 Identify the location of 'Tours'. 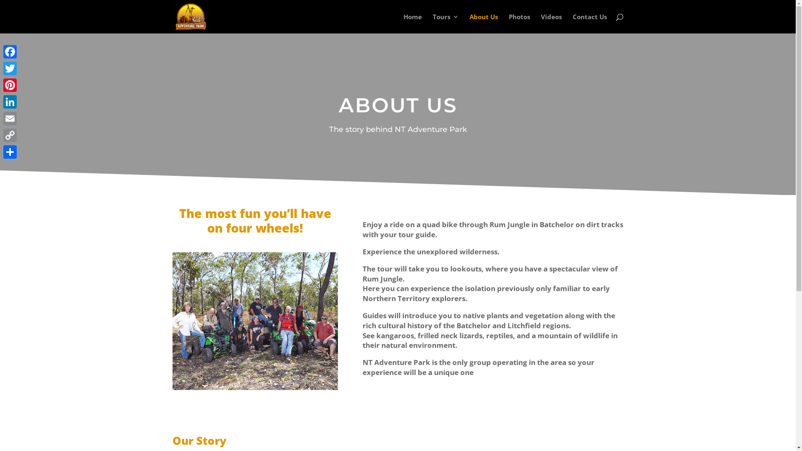
(445, 23).